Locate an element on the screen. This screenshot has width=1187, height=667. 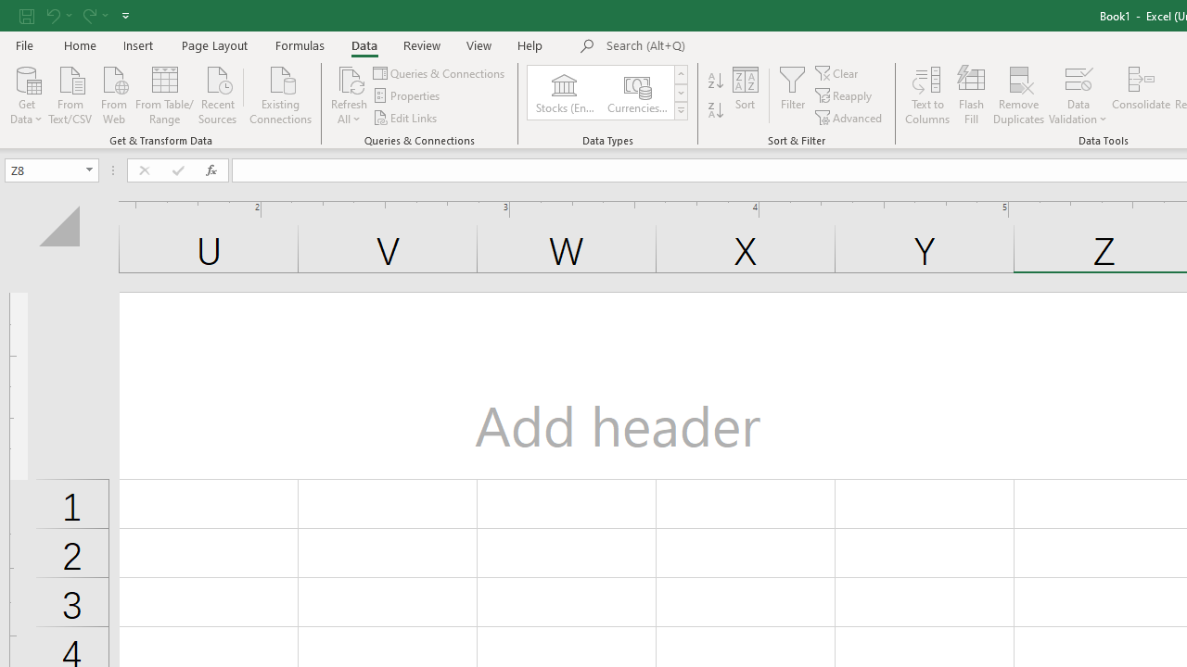
'Data Types' is located at coordinates (680, 111).